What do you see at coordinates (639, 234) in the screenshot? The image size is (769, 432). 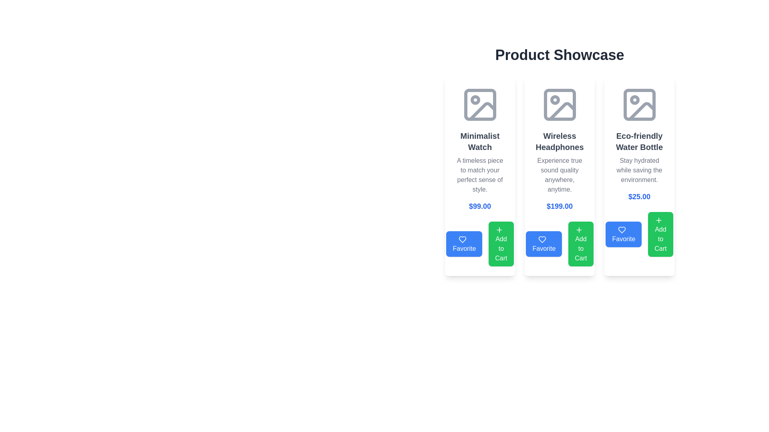 I see `the favorite button for the 'Eco-friendly Water Bottle' to observe any hover effects` at bounding box center [639, 234].